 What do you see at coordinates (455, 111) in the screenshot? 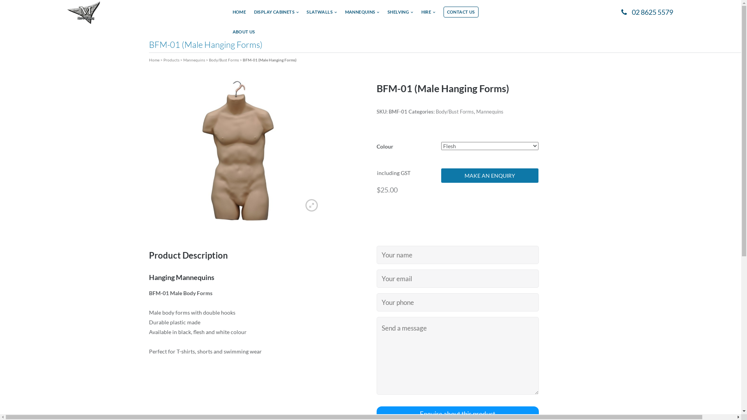
I see `'Body/Bust Forms'` at bounding box center [455, 111].